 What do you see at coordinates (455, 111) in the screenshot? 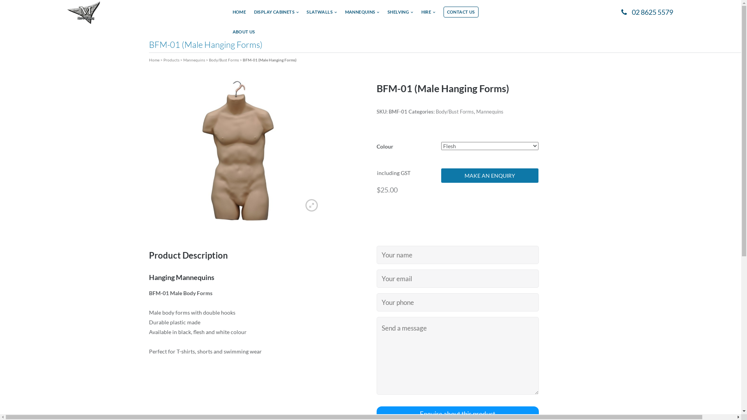
I see `'Body/Bust Forms'` at bounding box center [455, 111].